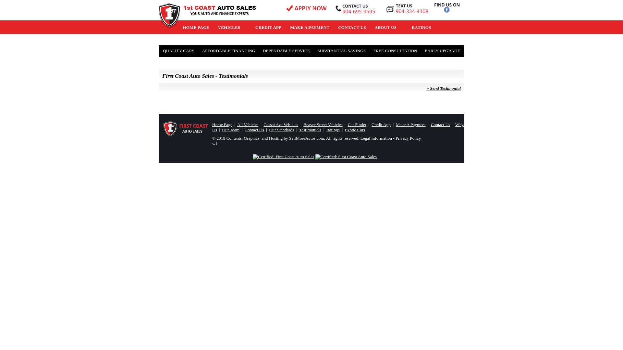  Describe the element at coordinates (395, 51) in the screenshot. I see `'FREE CONSULTATION'` at that location.